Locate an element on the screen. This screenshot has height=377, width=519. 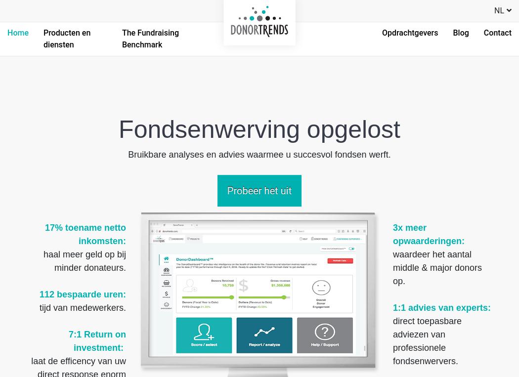
'3x meer opwaarderingen:' is located at coordinates (392, 234).